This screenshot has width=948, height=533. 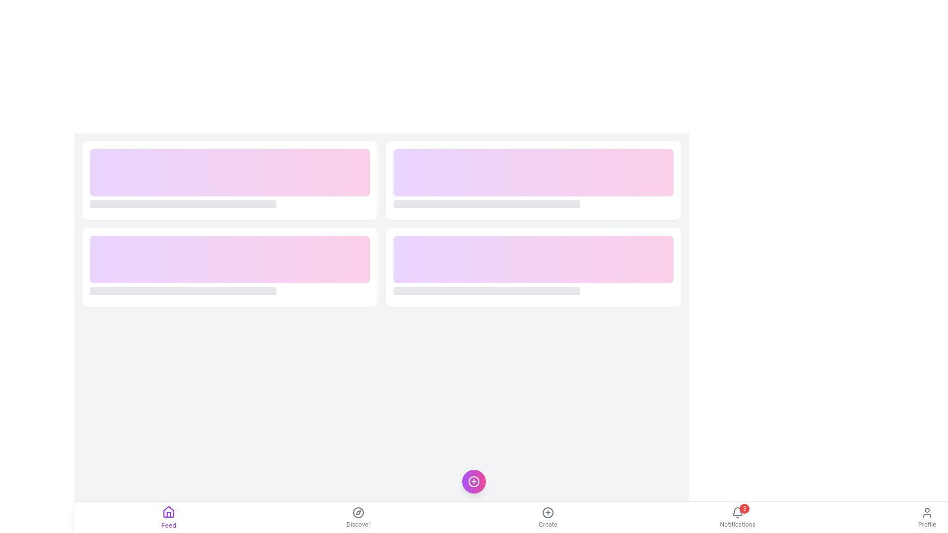 What do you see at coordinates (168, 511) in the screenshot?
I see `the home icon SVG vector, which serves as a button for navigating to the 'Feed' section of the application` at bounding box center [168, 511].